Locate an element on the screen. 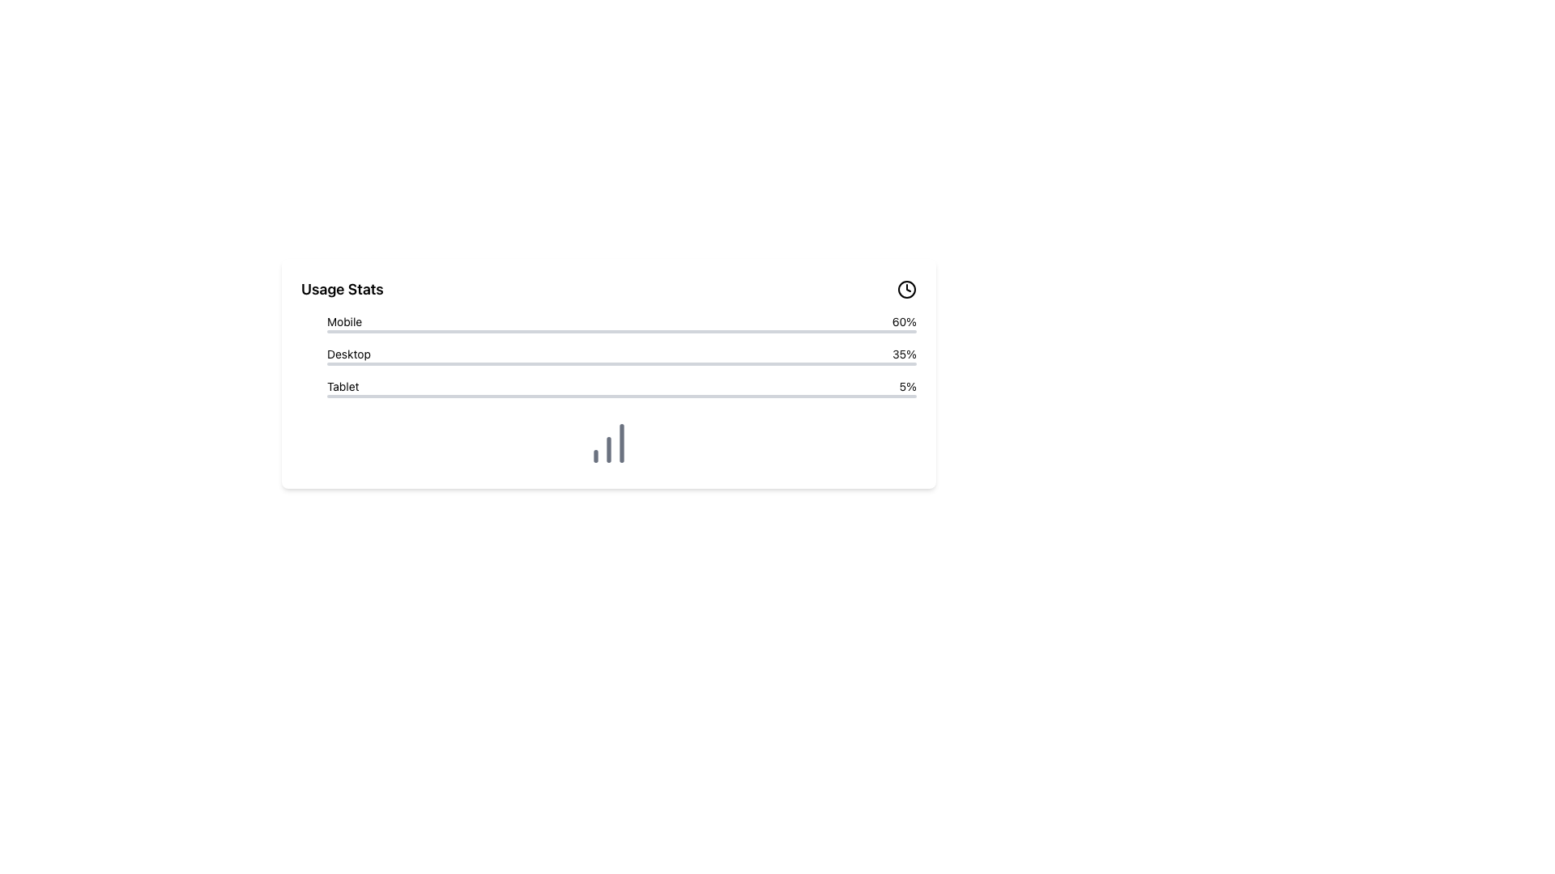 The image size is (1555, 874). width proportion of the horizontal progress bar indicating 35% completion located within the 'Desktop' section, which is visually represented by a green portion against a gray background is located at coordinates (621, 364).